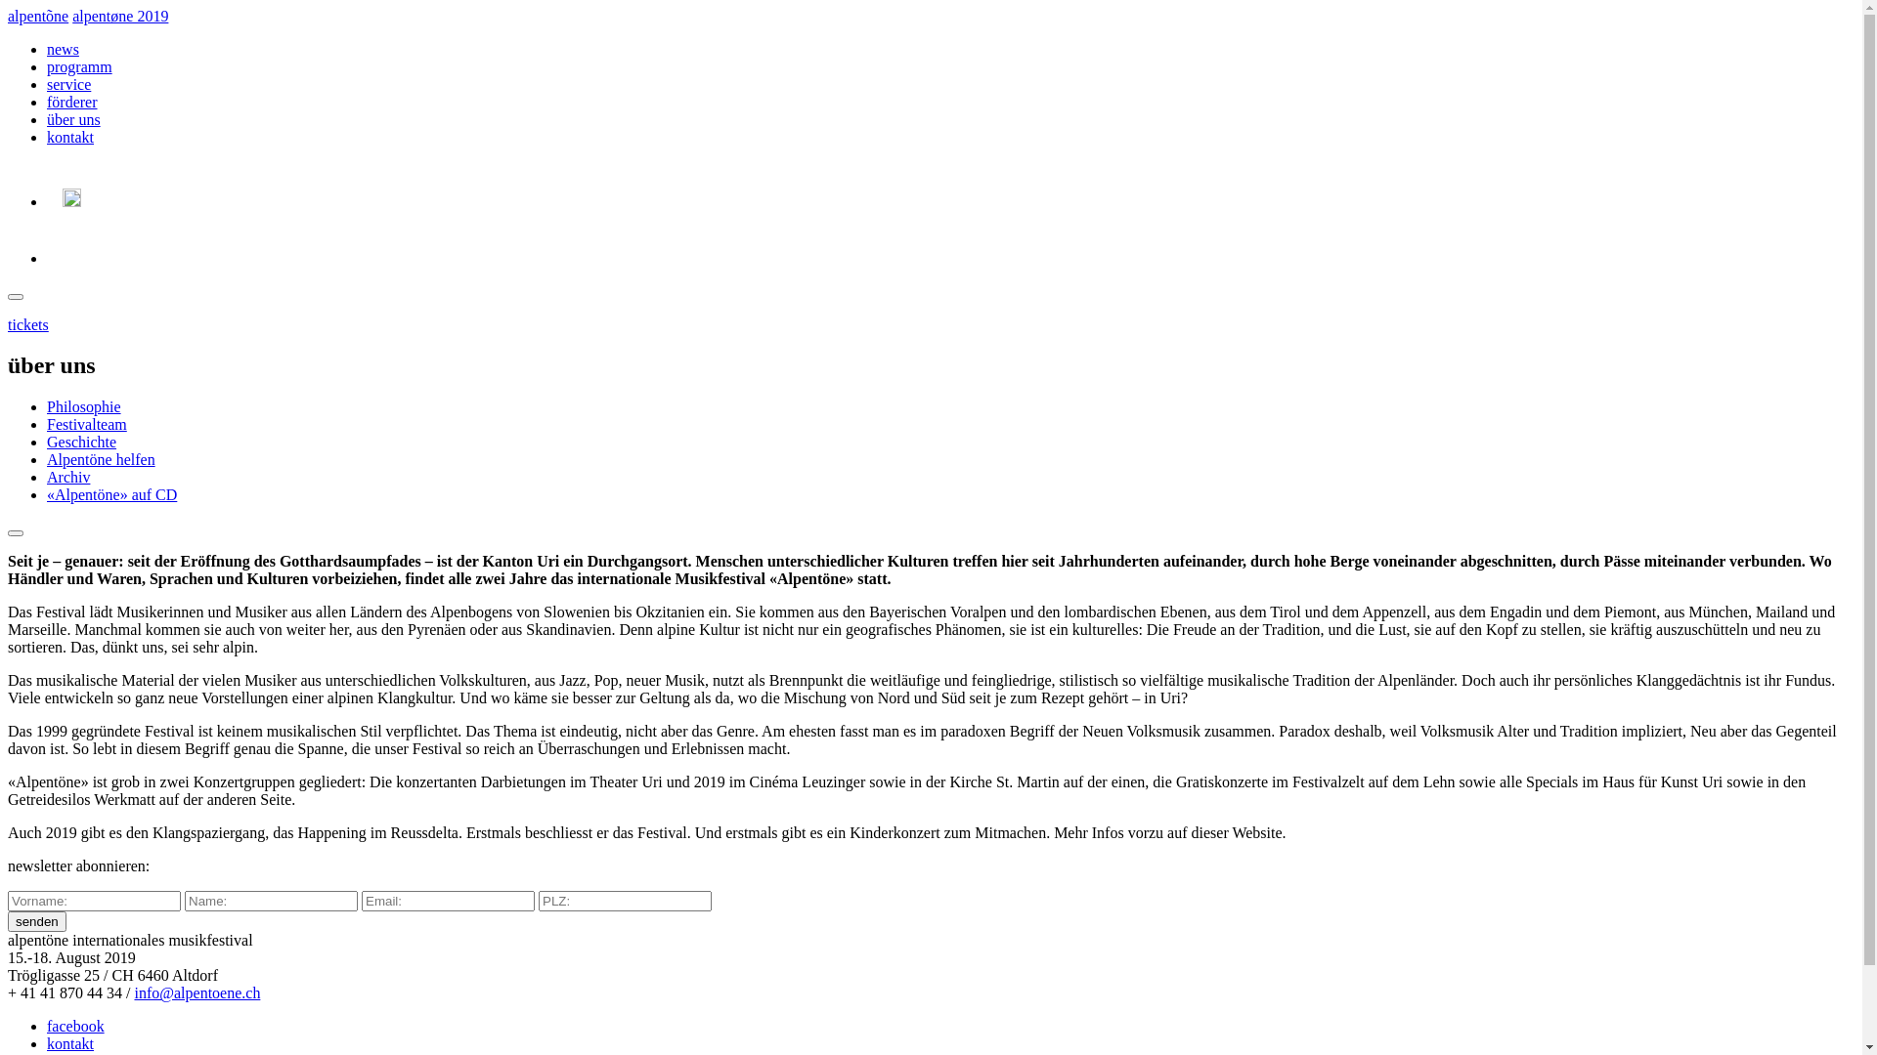 This screenshot has height=1055, width=1877. I want to click on 'Philosophie', so click(47, 405).